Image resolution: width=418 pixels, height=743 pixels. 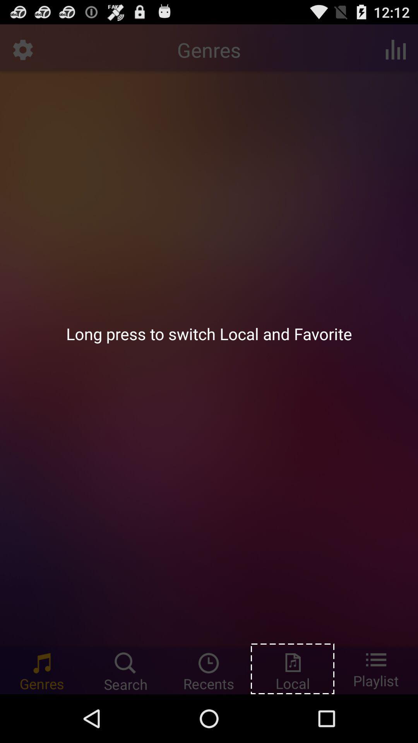 I want to click on icon at the top right corner, so click(x=396, y=49).